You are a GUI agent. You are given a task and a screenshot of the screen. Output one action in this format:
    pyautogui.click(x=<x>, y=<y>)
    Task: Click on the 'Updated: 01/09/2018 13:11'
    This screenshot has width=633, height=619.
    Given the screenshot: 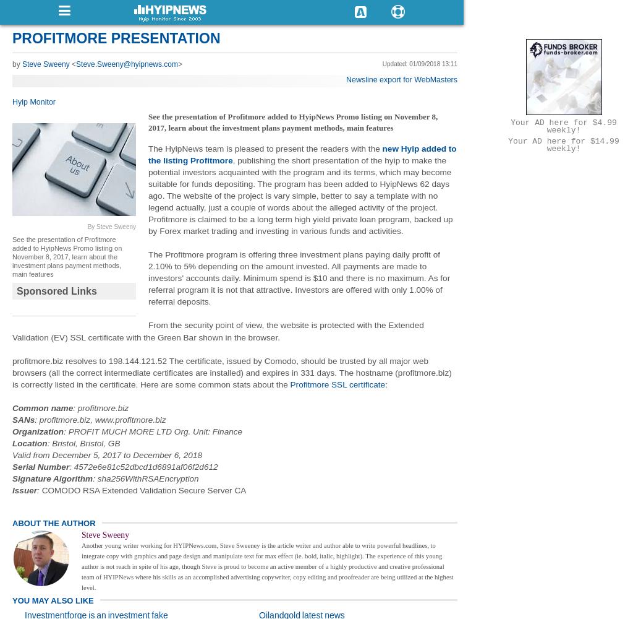 What is the action you would take?
    pyautogui.click(x=381, y=63)
    